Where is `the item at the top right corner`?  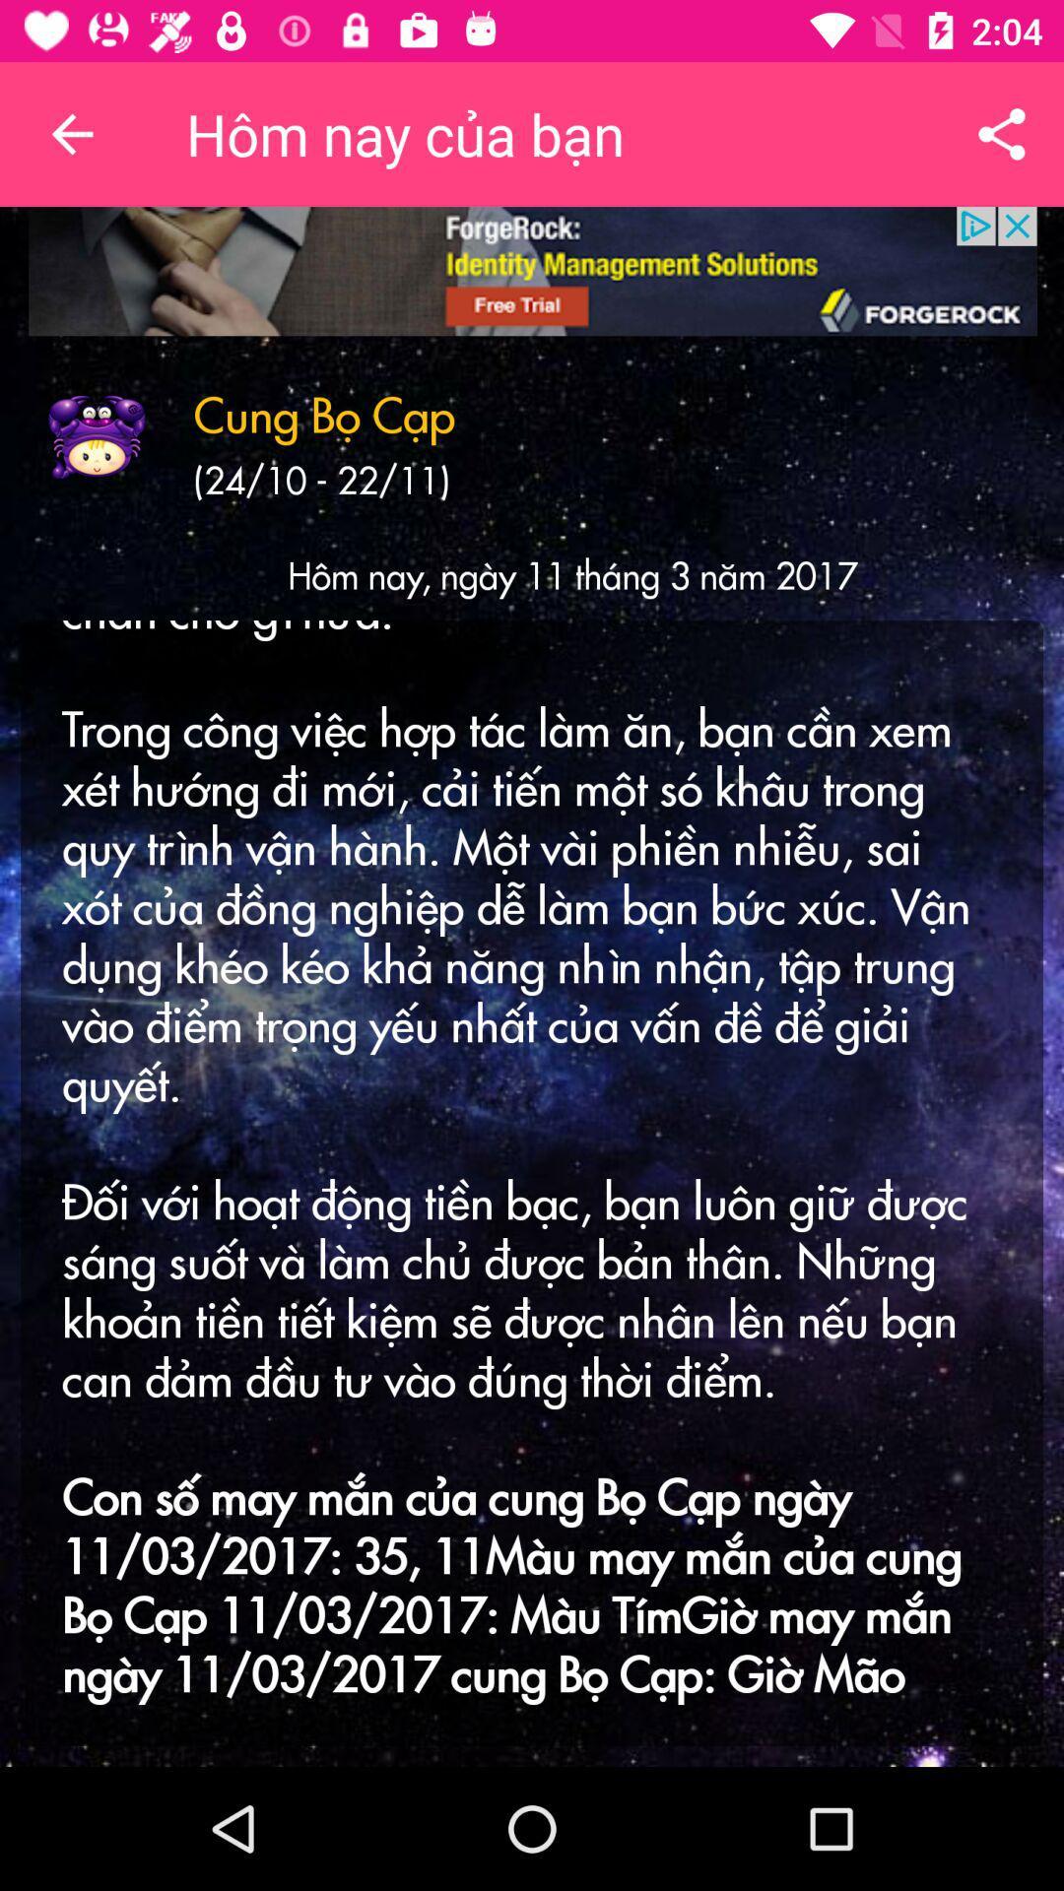
the item at the top right corner is located at coordinates (1002, 133).